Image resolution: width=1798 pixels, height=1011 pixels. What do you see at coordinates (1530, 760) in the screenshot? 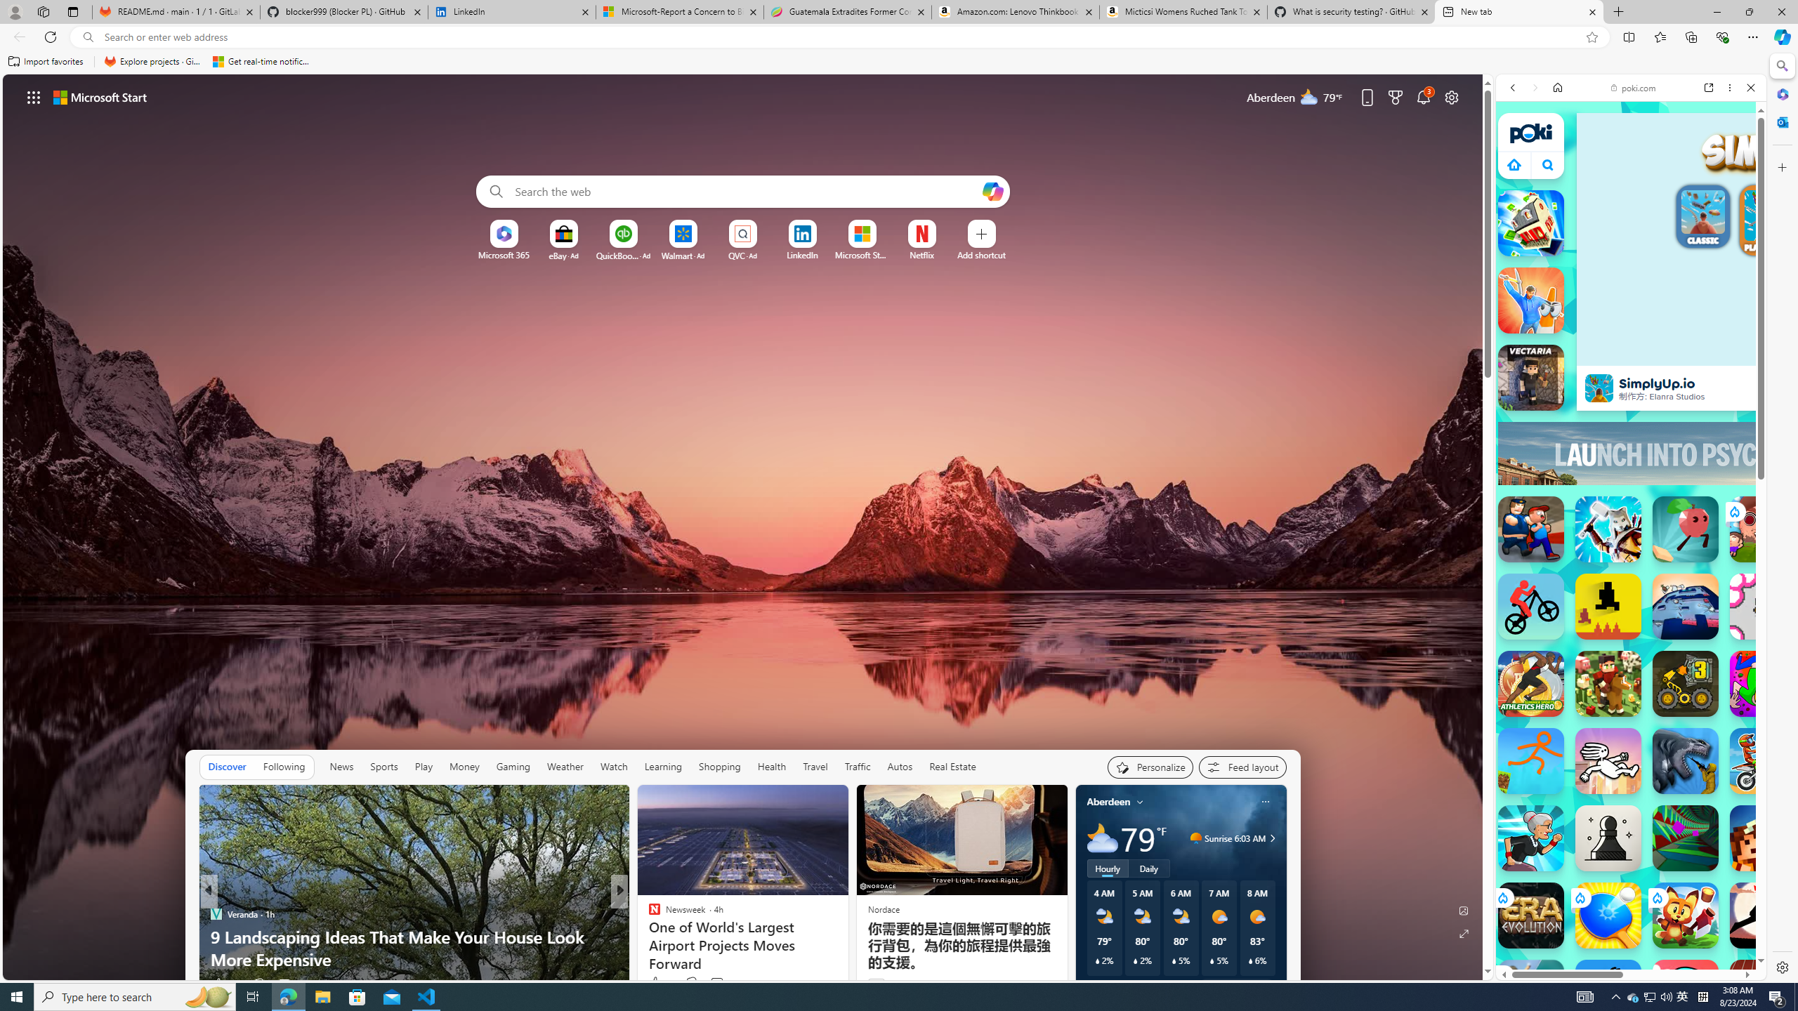
I see `'Stickman Parkour Skyland'` at bounding box center [1530, 760].